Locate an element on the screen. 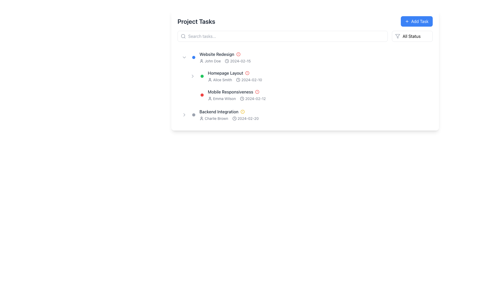  the information associated with the label displaying the name of the individual linked to the task 'Homepage Layout', located left of the date '2024-02-10' is located at coordinates (220, 80).